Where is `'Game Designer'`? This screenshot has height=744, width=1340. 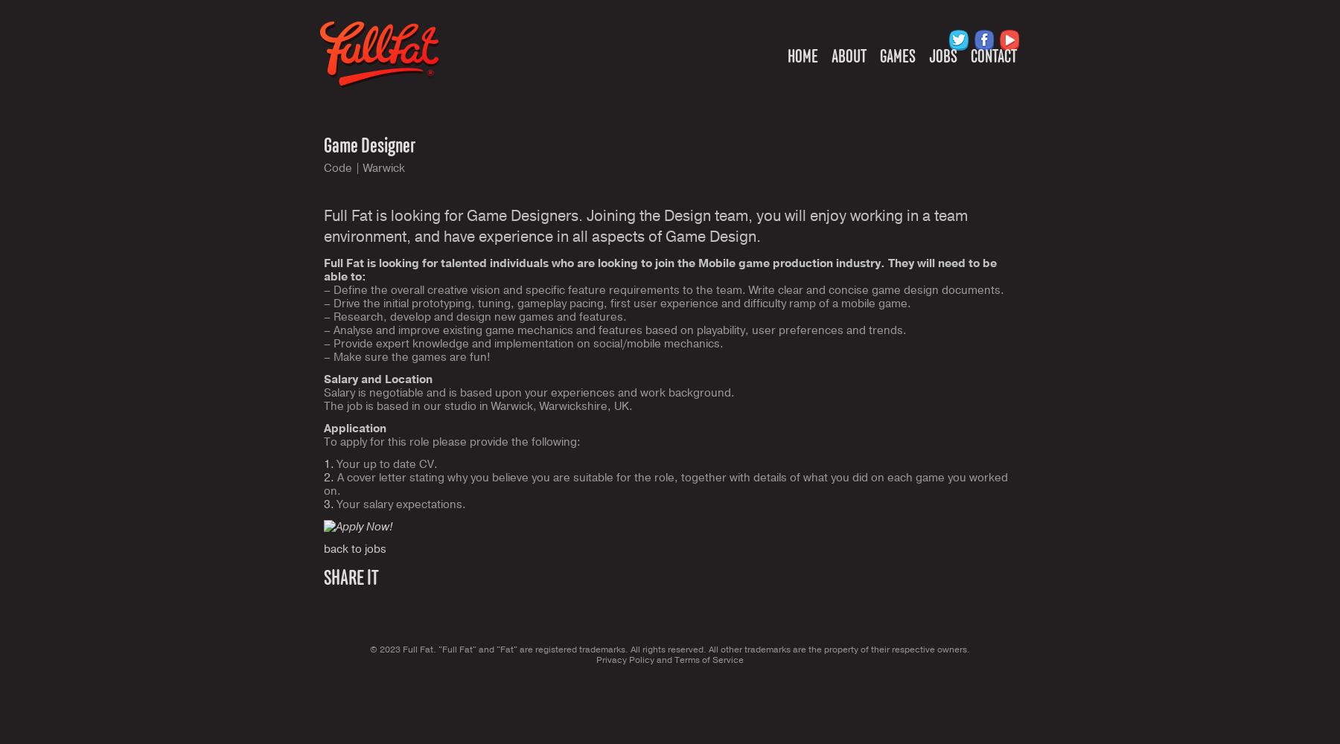 'Game Designer' is located at coordinates (368, 145).